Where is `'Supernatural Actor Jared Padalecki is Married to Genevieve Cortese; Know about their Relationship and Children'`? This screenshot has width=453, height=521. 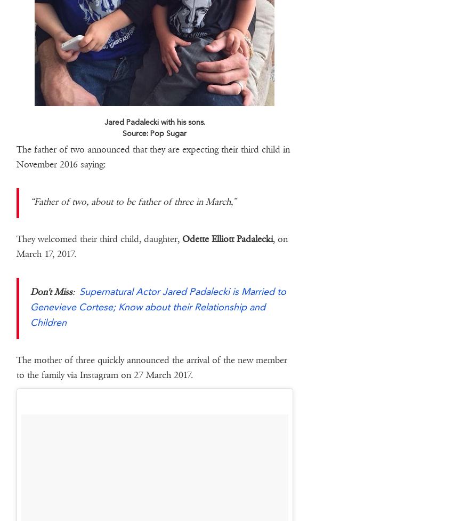 'Supernatural Actor Jared Padalecki is Married to Genevieve Cortese; Know about their Relationship and Children' is located at coordinates (157, 306).